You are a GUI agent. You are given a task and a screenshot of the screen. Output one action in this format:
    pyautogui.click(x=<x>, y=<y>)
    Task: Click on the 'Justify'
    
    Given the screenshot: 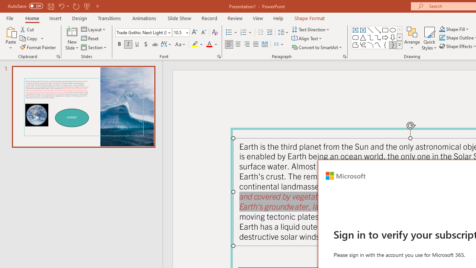 What is the action you would take?
    pyautogui.click(x=256, y=44)
    